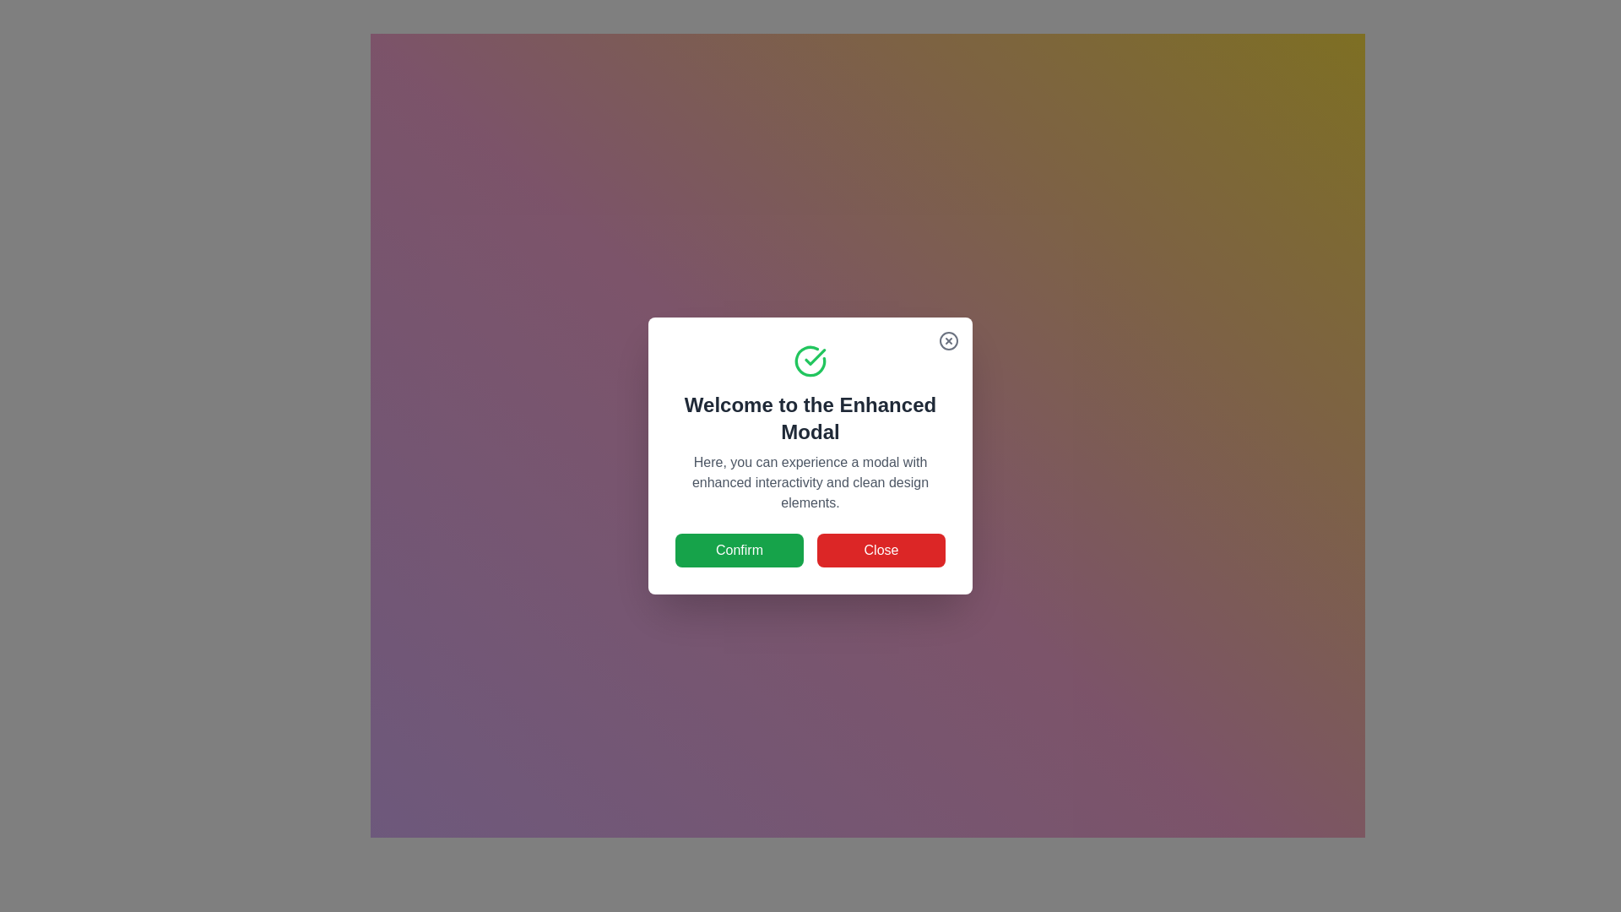 The width and height of the screenshot is (1621, 912). What do you see at coordinates (739, 550) in the screenshot?
I see `the 'Confirm' button located inside the modal box, which is positioned as the left button next to the red 'Close' button` at bounding box center [739, 550].